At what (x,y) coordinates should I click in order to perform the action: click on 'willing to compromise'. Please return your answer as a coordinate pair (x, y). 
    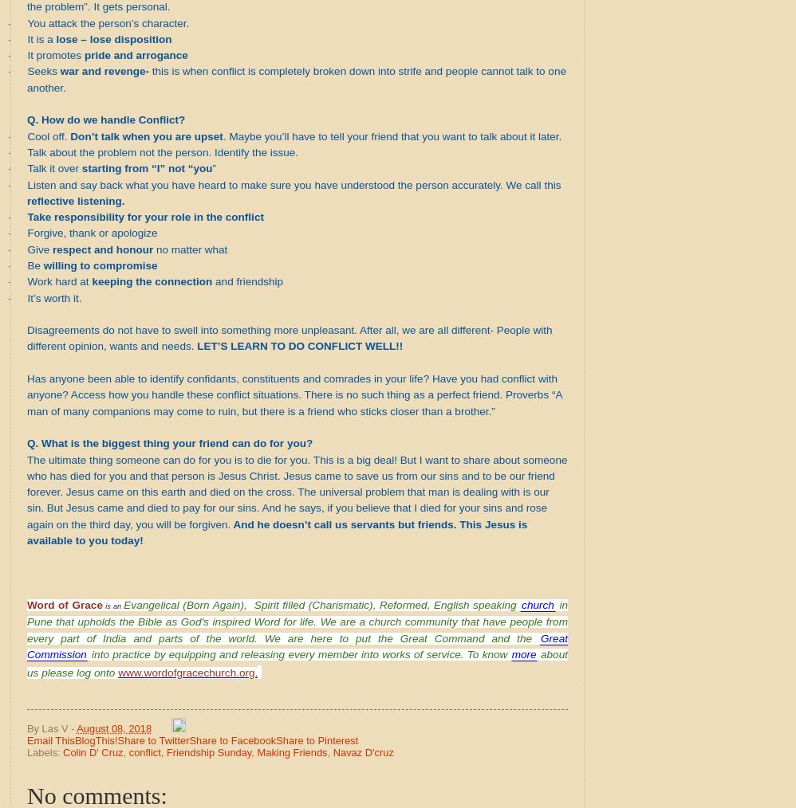
    Looking at the image, I should click on (100, 265).